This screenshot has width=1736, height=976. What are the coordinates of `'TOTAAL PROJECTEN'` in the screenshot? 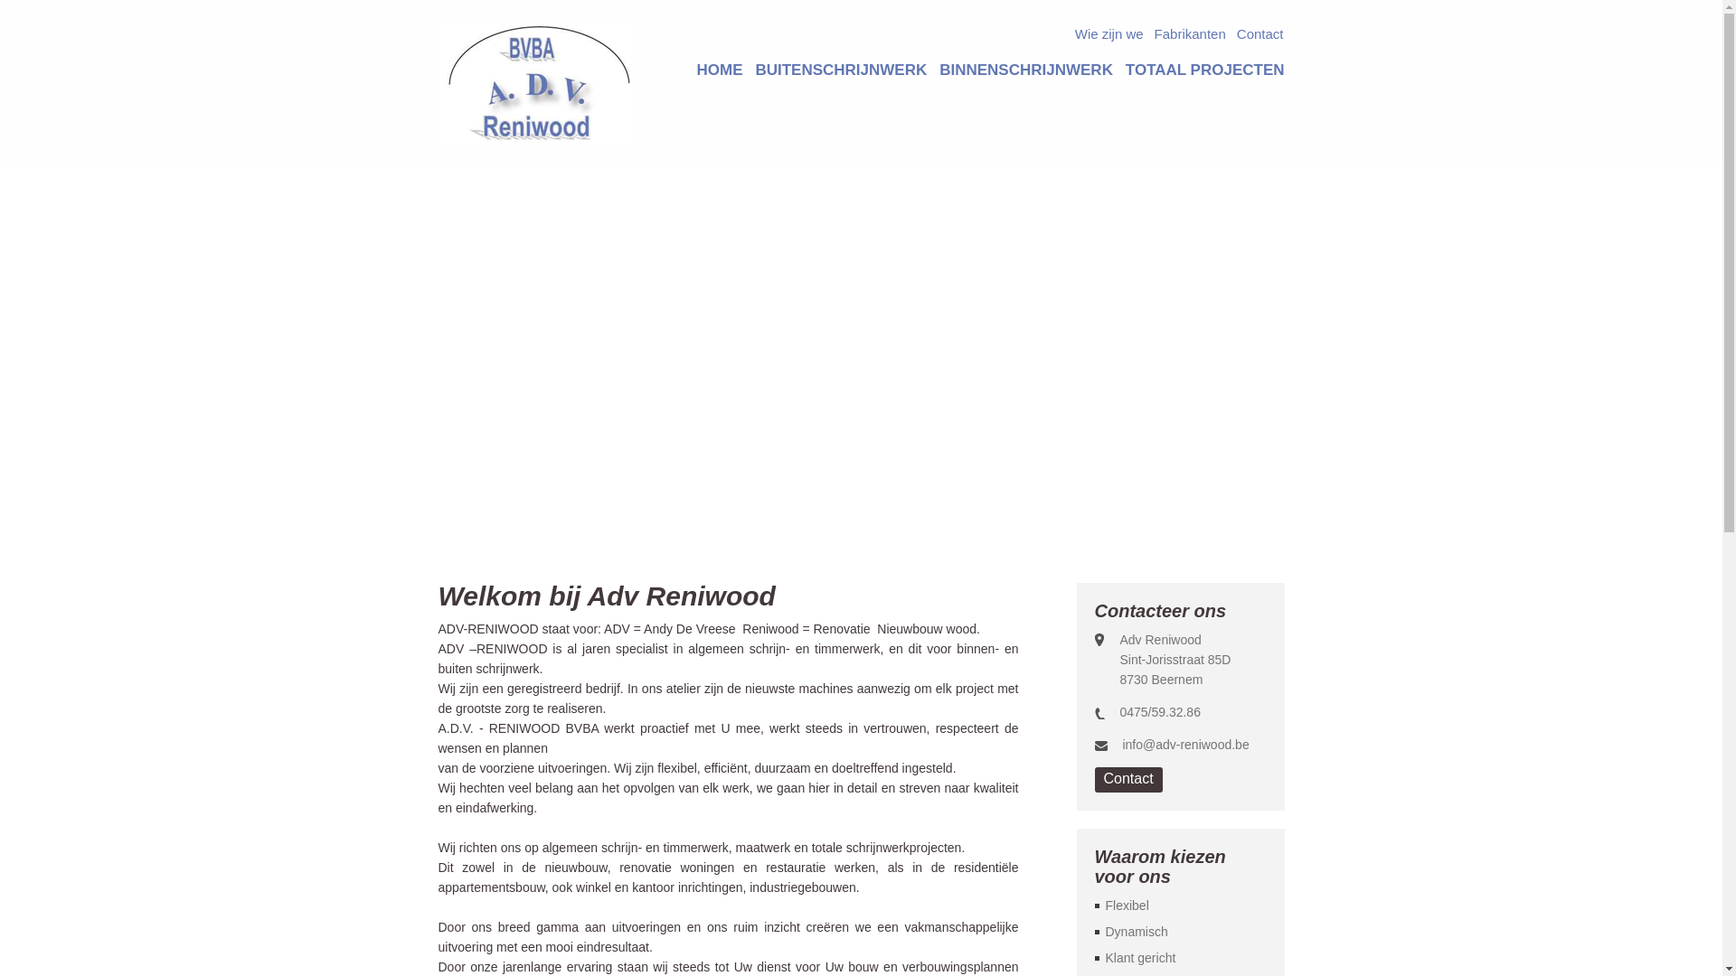 It's located at (1205, 69).